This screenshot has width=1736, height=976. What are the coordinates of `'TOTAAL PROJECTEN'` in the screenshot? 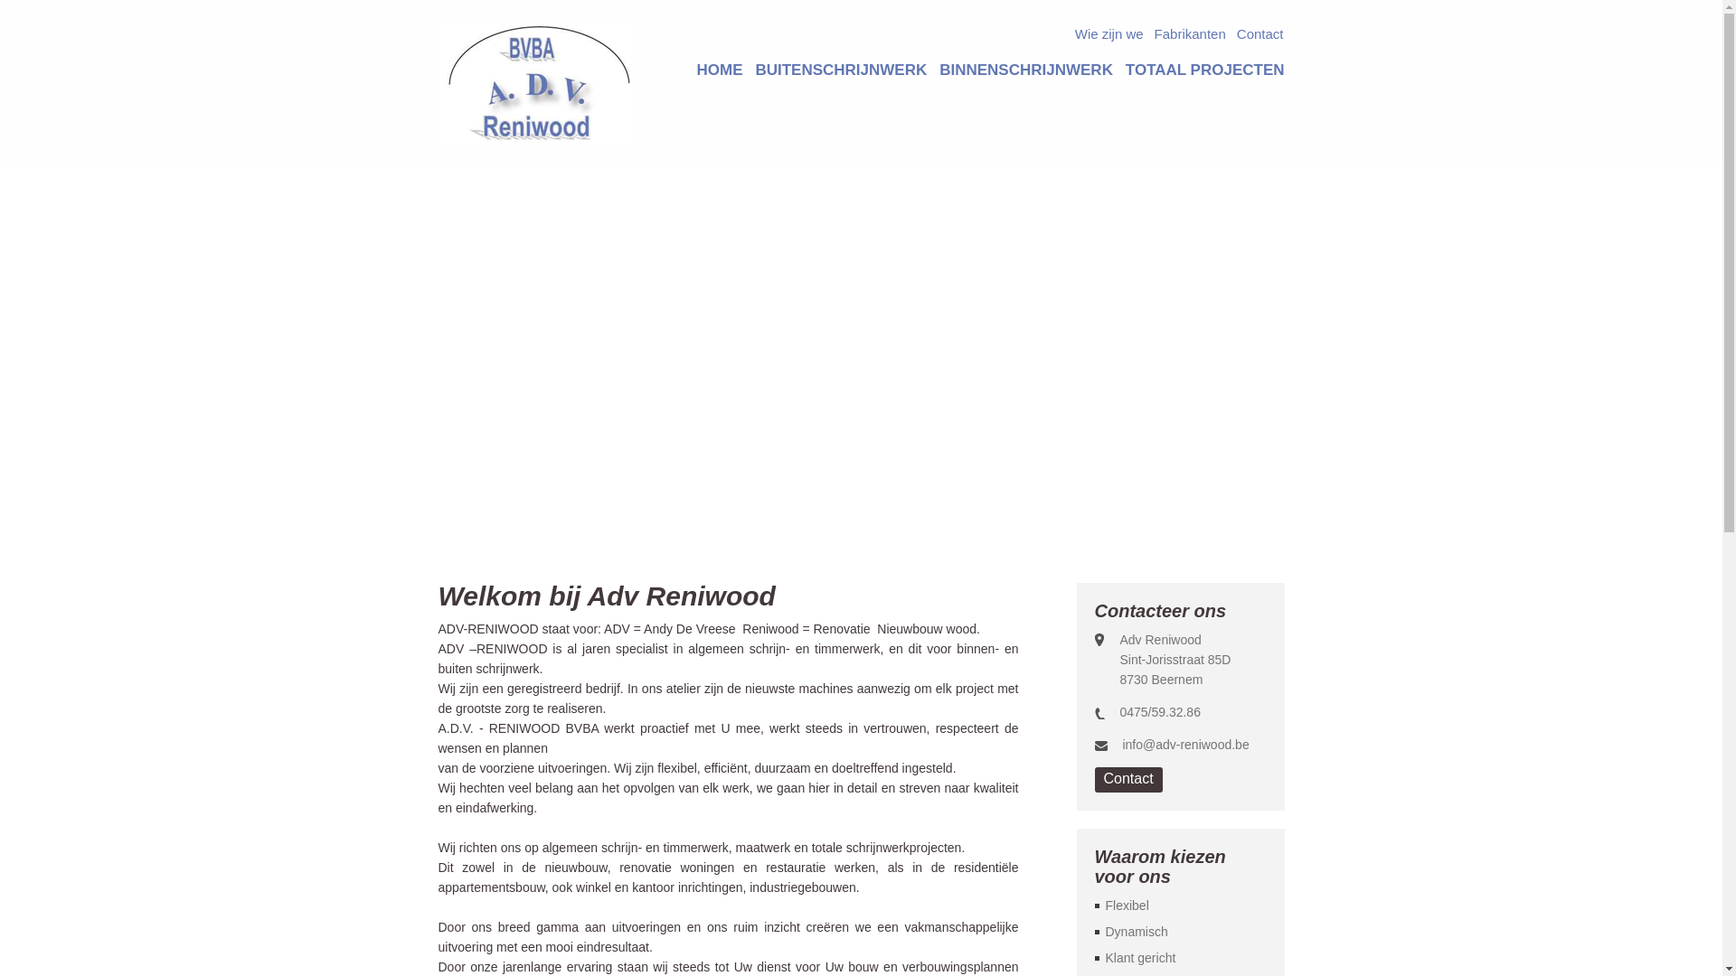 It's located at (1205, 69).